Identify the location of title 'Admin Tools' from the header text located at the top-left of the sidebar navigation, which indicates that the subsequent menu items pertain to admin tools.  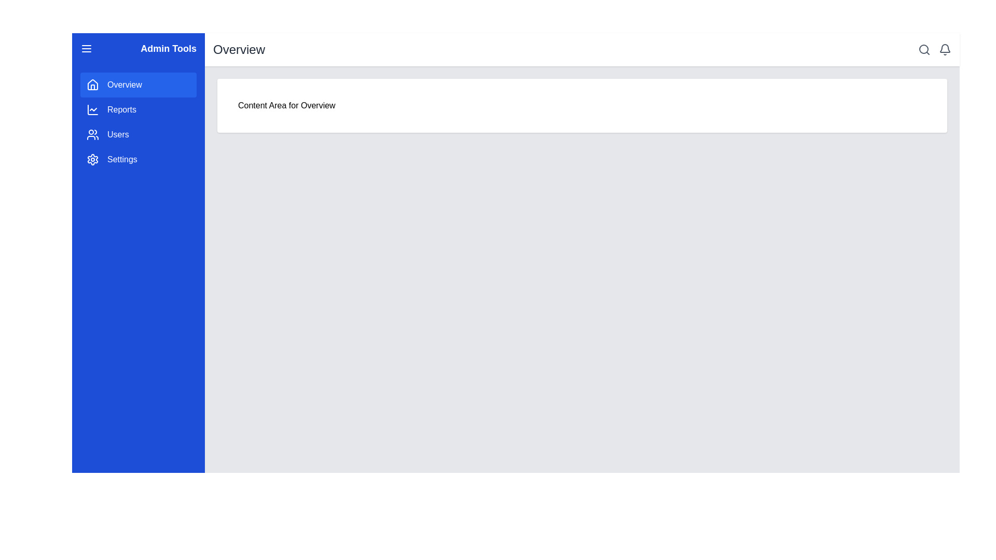
(138, 48).